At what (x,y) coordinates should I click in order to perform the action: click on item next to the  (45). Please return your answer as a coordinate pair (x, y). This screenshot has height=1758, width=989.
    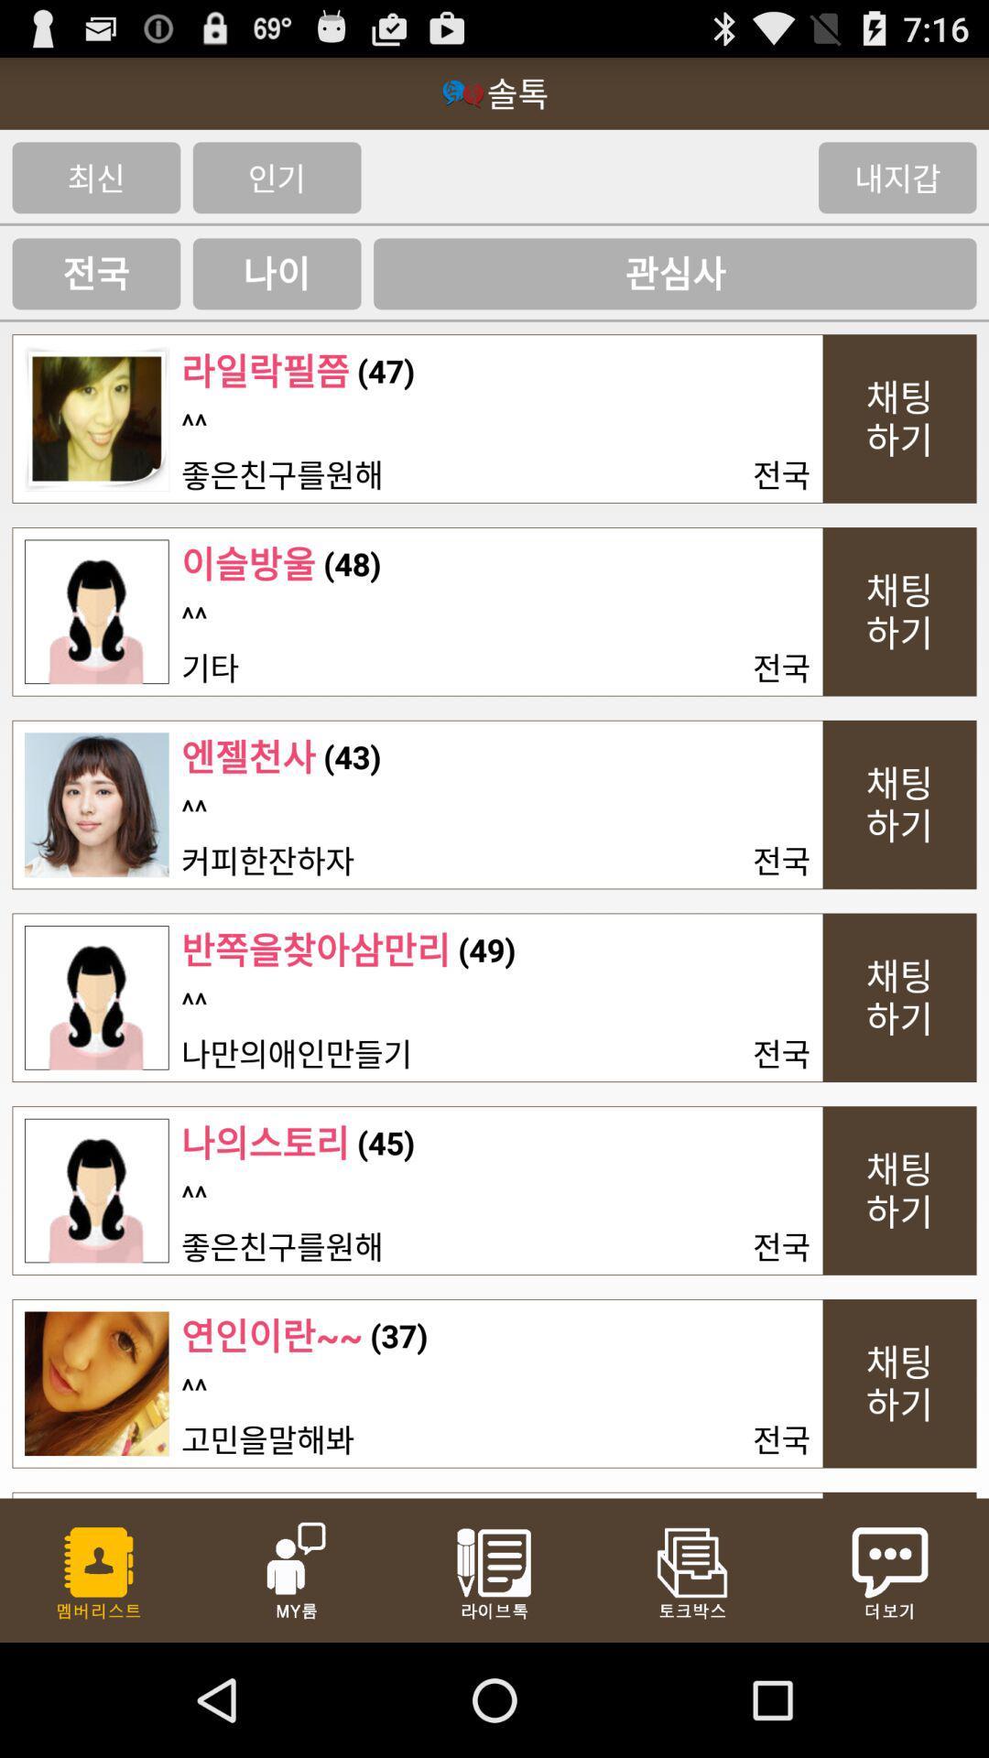
    Looking at the image, I should click on (194, 1196).